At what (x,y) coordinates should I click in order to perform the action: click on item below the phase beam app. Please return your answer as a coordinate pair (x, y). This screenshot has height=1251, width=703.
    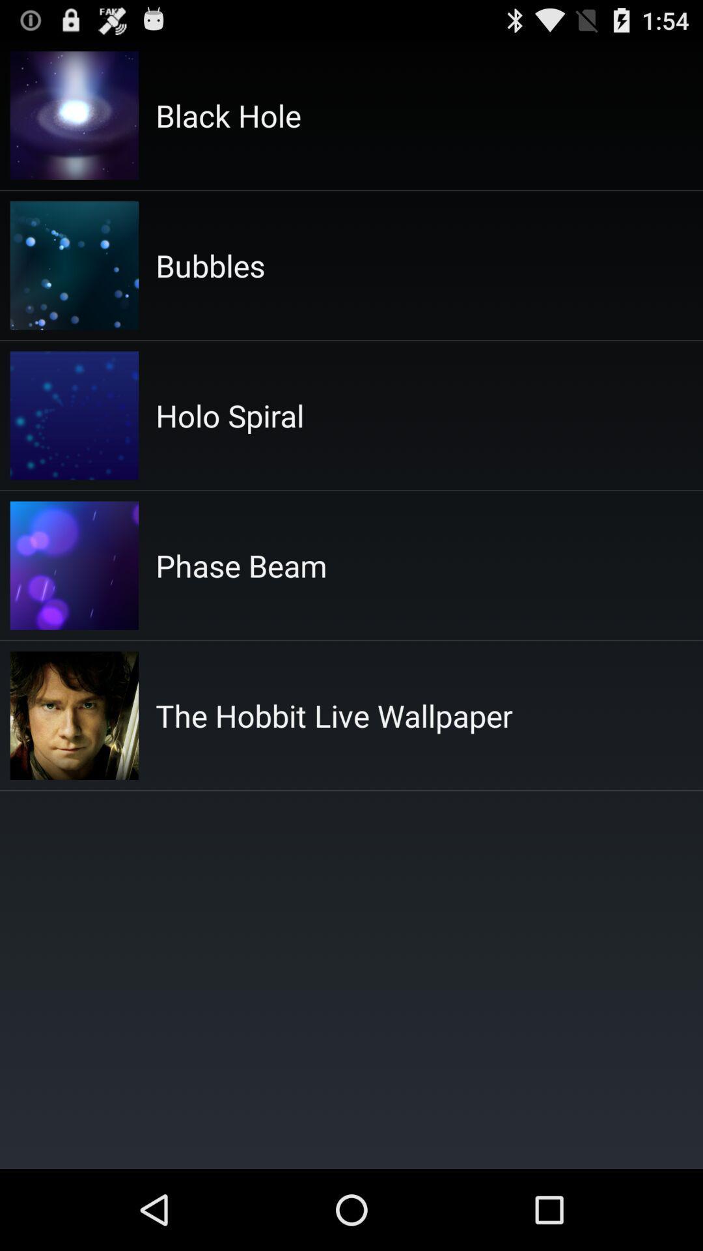
    Looking at the image, I should click on (333, 715).